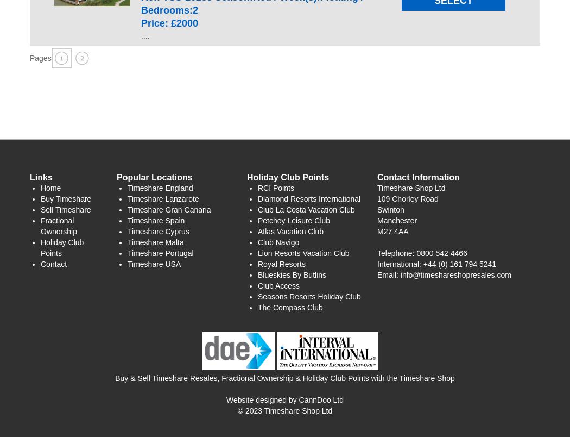  Describe the element at coordinates (436, 263) in the screenshot. I see `'International: +44 (0) 161 794 5241'` at that location.